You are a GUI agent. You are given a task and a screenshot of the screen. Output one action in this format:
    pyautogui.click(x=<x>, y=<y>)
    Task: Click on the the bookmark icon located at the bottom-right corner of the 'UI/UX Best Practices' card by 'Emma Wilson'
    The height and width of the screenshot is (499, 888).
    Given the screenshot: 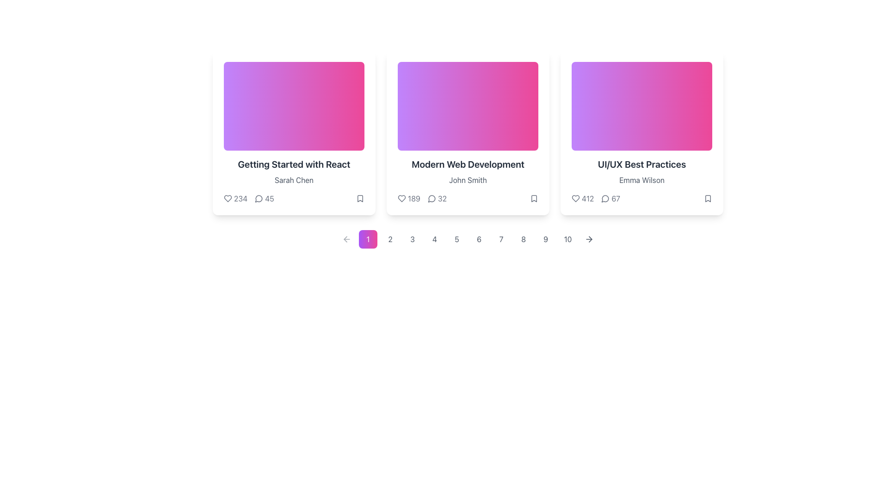 What is the action you would take?
    pyautogui.click(x=708, y=198)
    